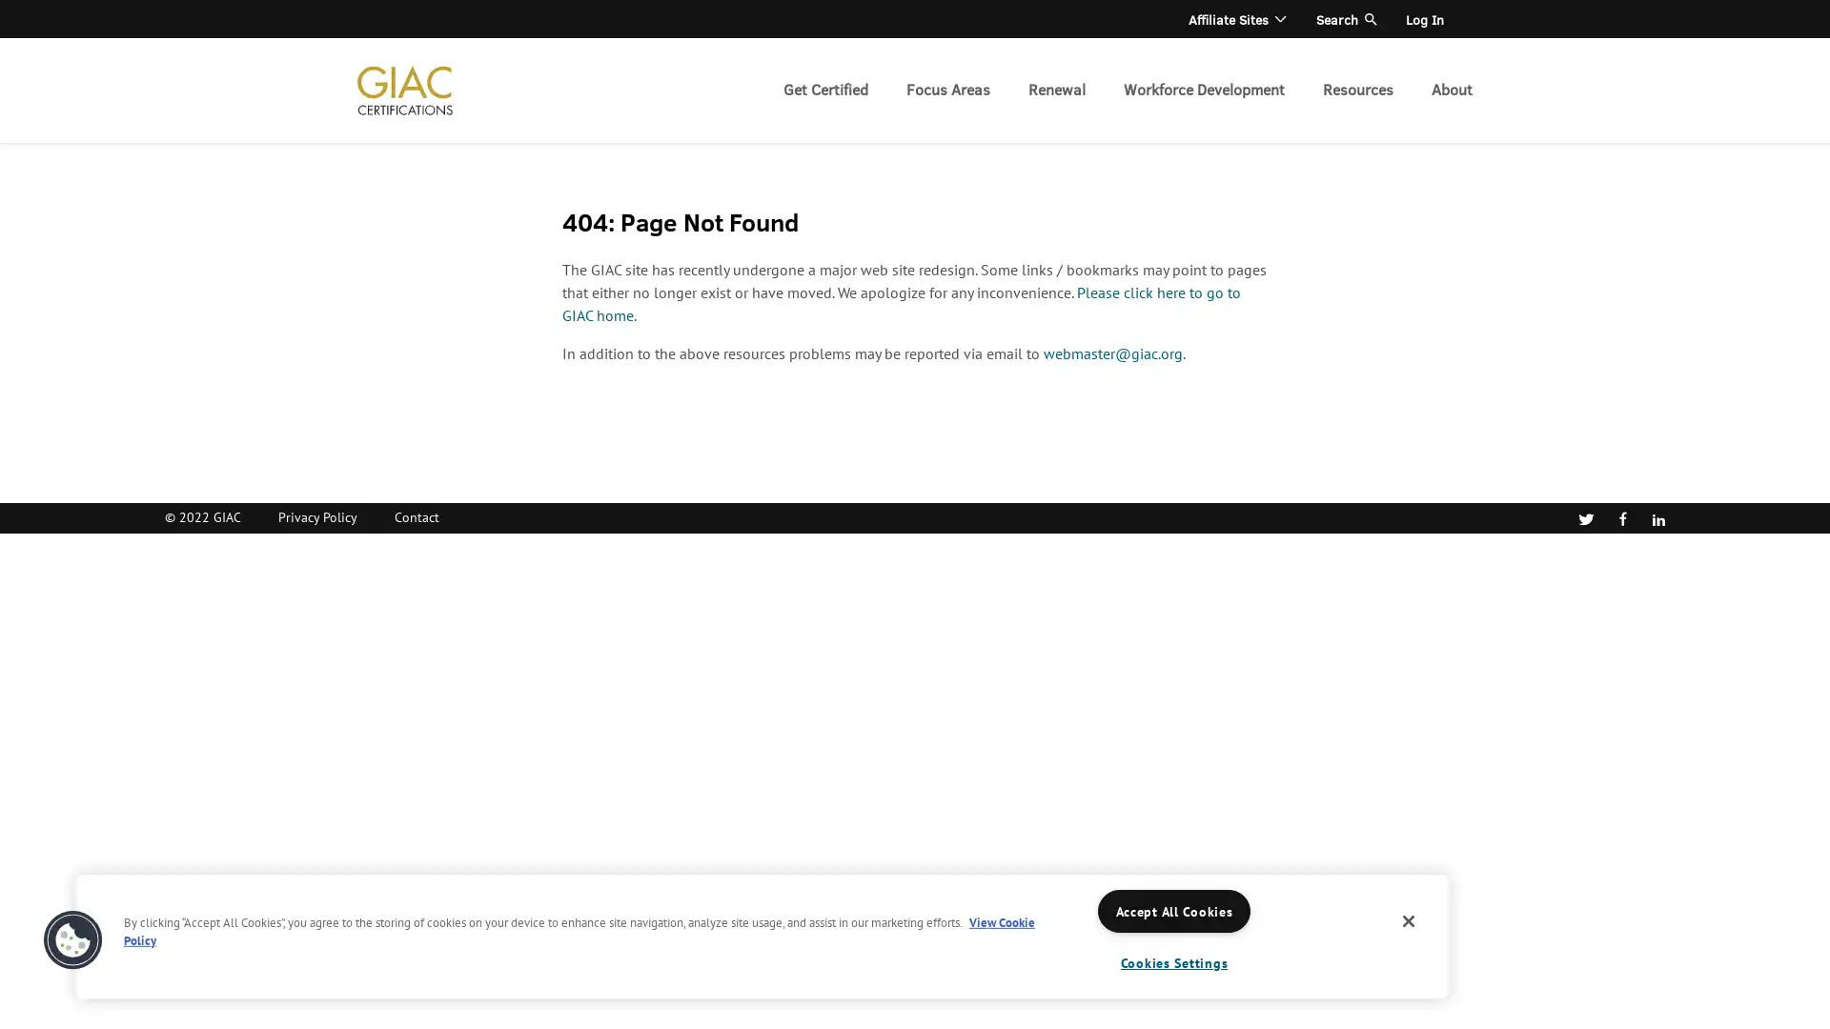 The width and height of the screenshot is (1830, 1029). Describe the element at coordinates (1173, 910) in the screenshot. I see `Accept All Cookies` at that location.